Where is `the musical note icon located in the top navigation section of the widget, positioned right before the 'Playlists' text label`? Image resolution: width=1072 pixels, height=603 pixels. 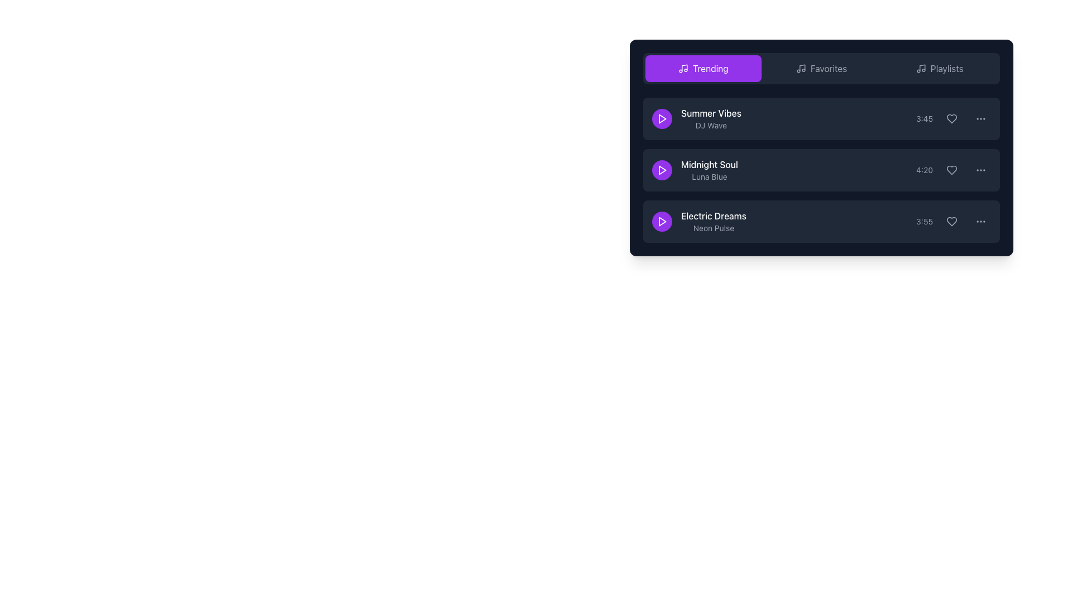 the musical note icon located in the top navigation section of the widget, positioned right before the 'Playlists' text label is located at coordinates (921, 69).